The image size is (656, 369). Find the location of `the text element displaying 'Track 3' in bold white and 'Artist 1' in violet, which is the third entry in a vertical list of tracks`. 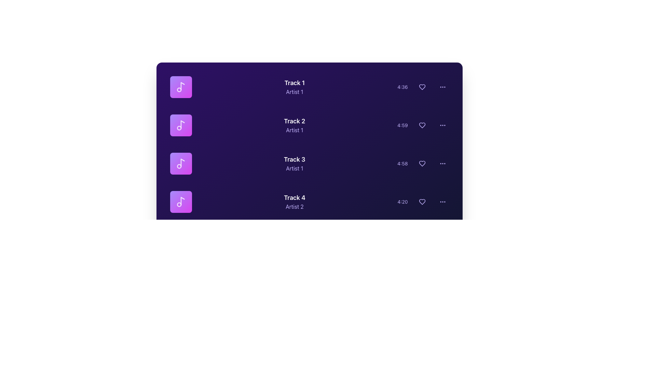

the text element displaying 'Track 3' in bold white and 'Artist 1' in violet, which is the third entry in a vertical list of tracks is located at coordinates (295, 163).